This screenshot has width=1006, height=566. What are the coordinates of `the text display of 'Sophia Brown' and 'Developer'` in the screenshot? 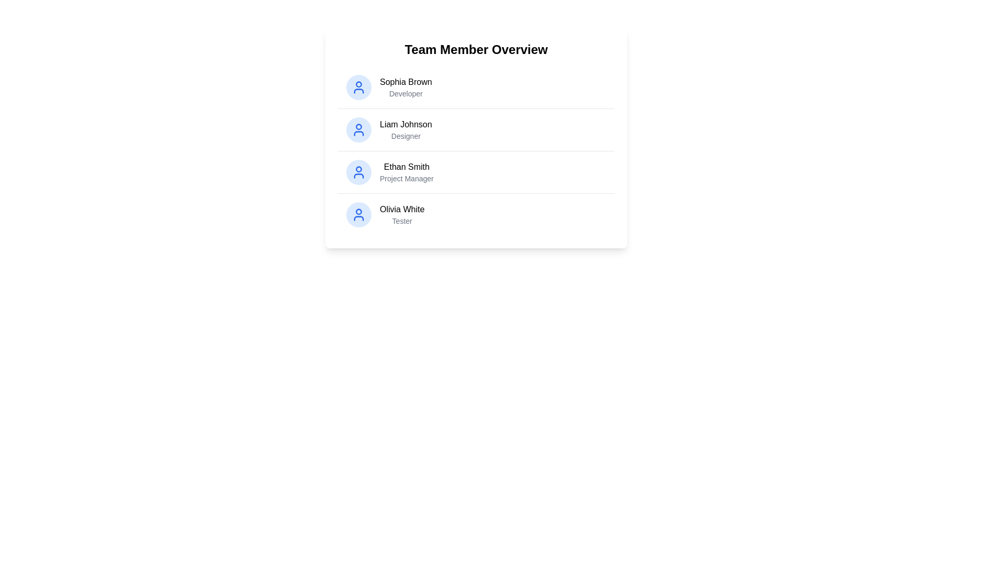 It's located at (405, 86).